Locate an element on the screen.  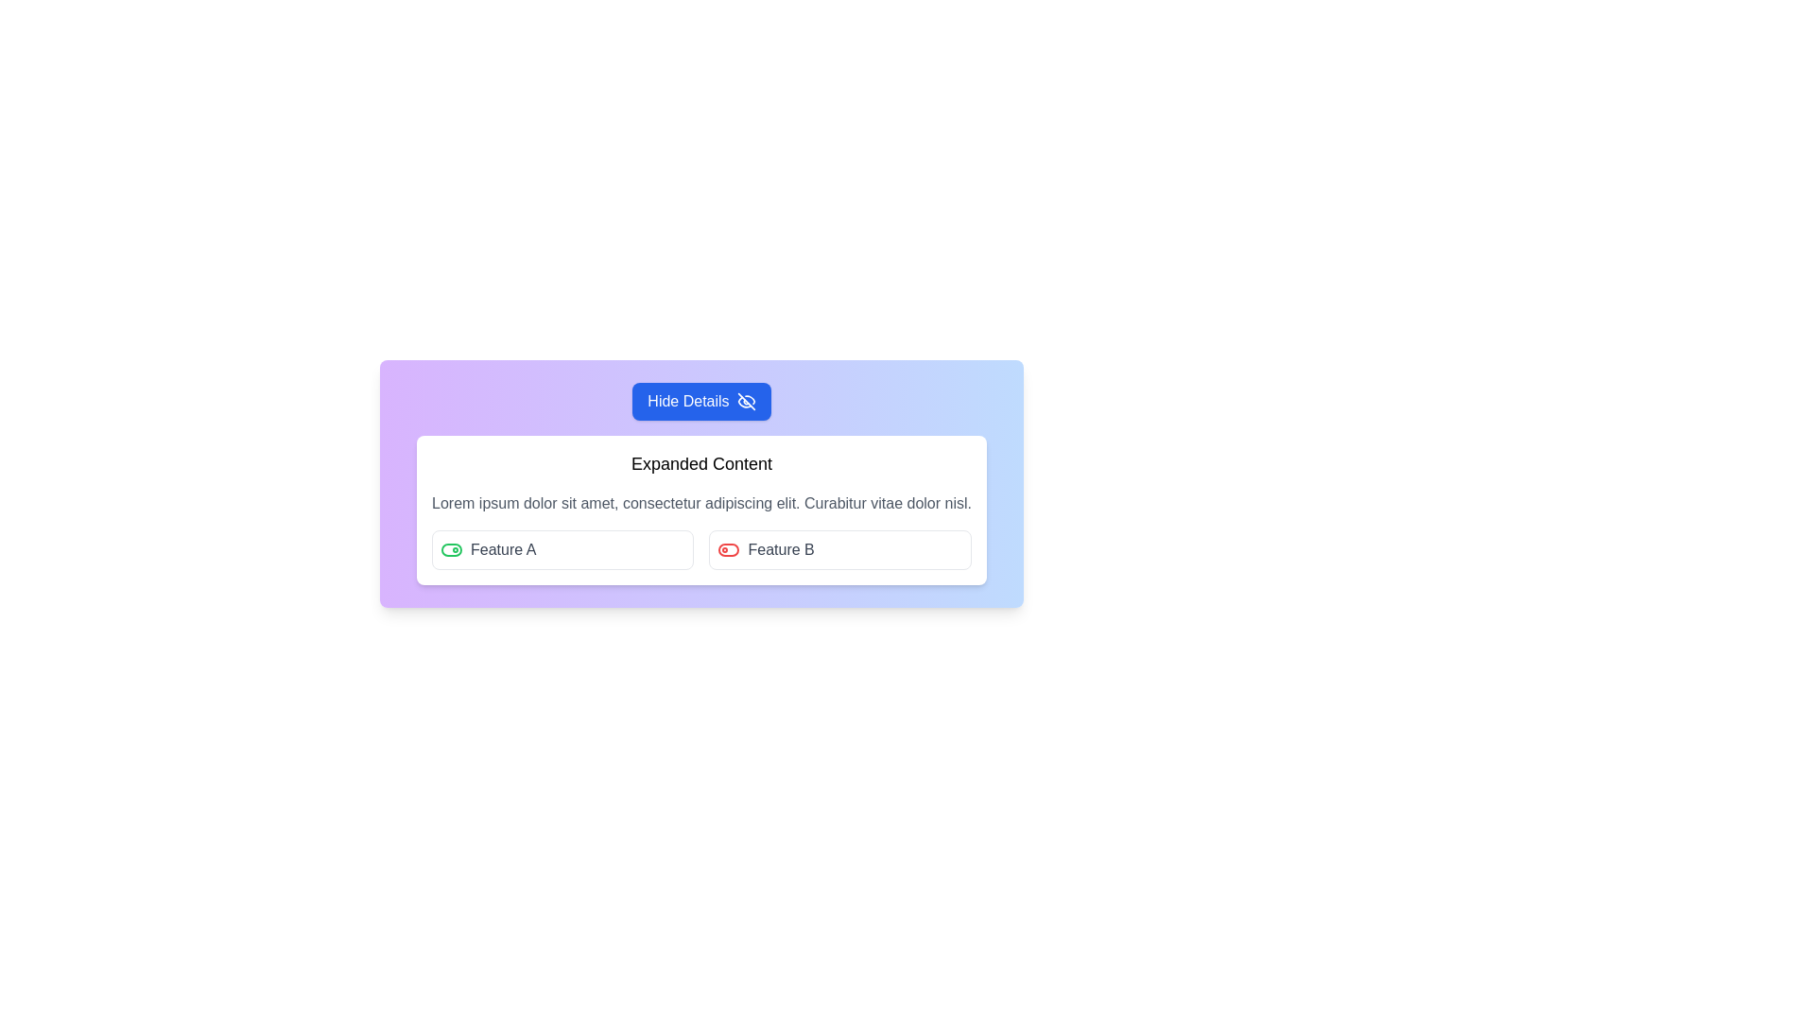
the icon located to the right of the 'Hide Details' text is located at coordinates (745, 400).